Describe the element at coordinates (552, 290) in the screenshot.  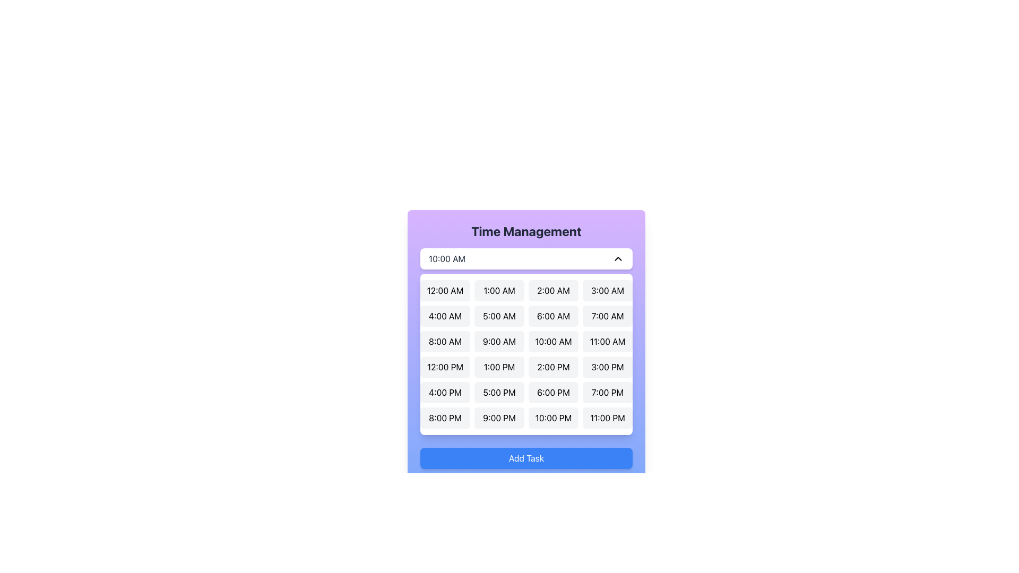
I see `the button labeled '2:00 AM', which is part of a dropdown selection menu in the first row, third column of a grid layout` at that location.